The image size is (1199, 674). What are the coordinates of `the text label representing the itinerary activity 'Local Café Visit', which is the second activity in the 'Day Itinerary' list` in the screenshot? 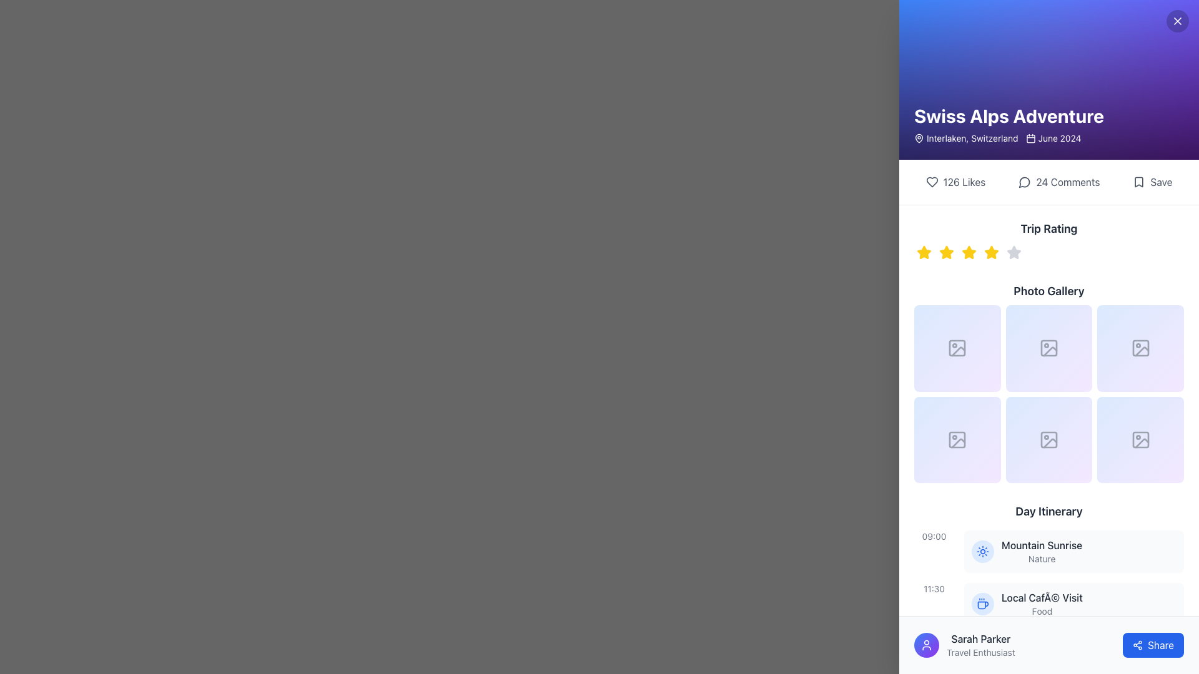 It's located at (1042, 597).